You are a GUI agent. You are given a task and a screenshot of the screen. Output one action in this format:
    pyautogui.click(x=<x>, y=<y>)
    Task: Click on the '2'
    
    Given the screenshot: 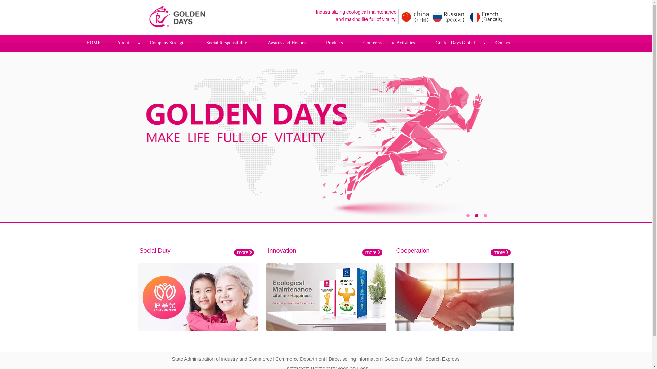 What is the action you would take?
    pyautogui.click(x=474, y=216)
    